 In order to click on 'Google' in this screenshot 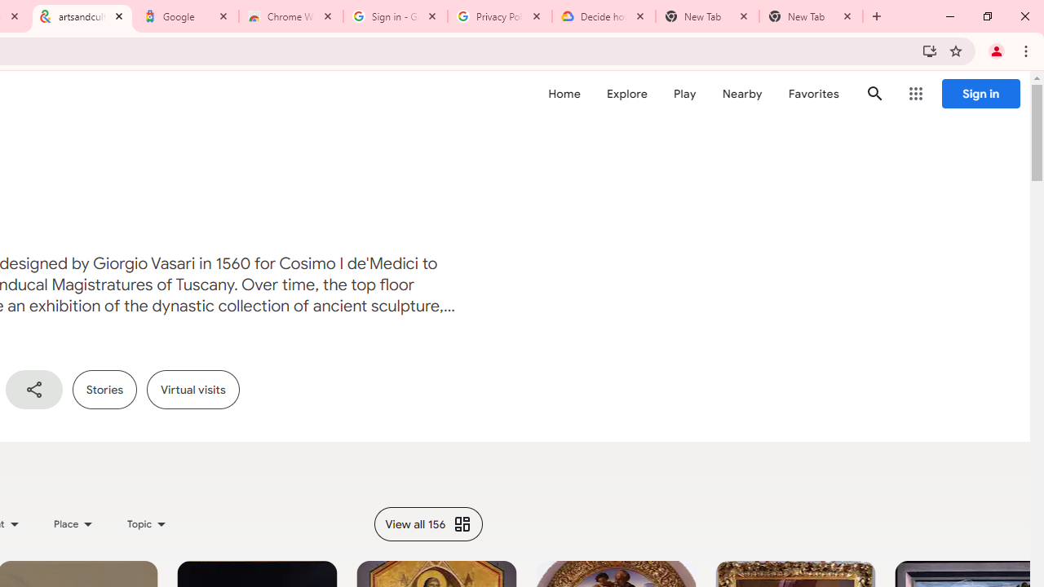, I will do `click(187, 16)`.